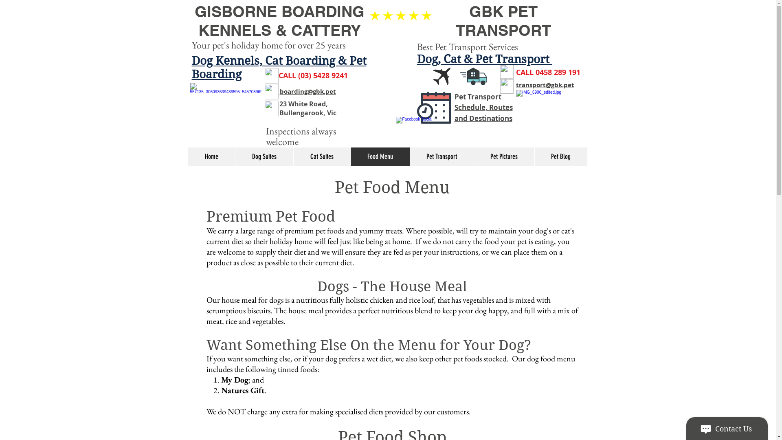 This screenshot has width=782, height=440. What do you see at coordinates (503, 20) in the screenshot?
I see `'GBK PET TRANSPORT'` at bounding box center [503, 20].